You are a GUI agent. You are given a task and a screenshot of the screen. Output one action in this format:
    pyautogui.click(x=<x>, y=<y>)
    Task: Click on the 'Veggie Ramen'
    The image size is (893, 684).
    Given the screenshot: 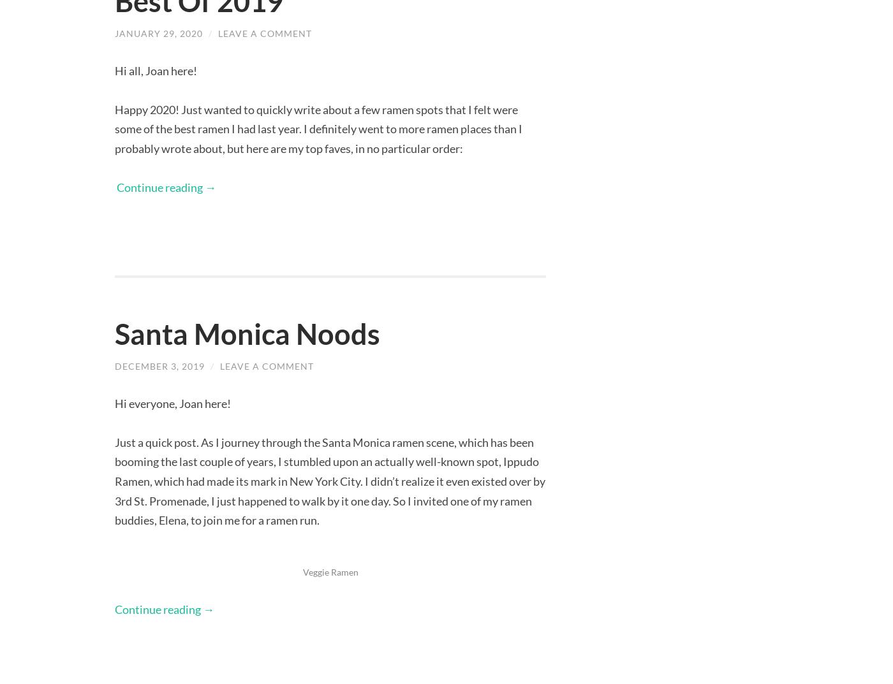 What is the action you would take?
    pyautogui.click(x=330, y=572)
    